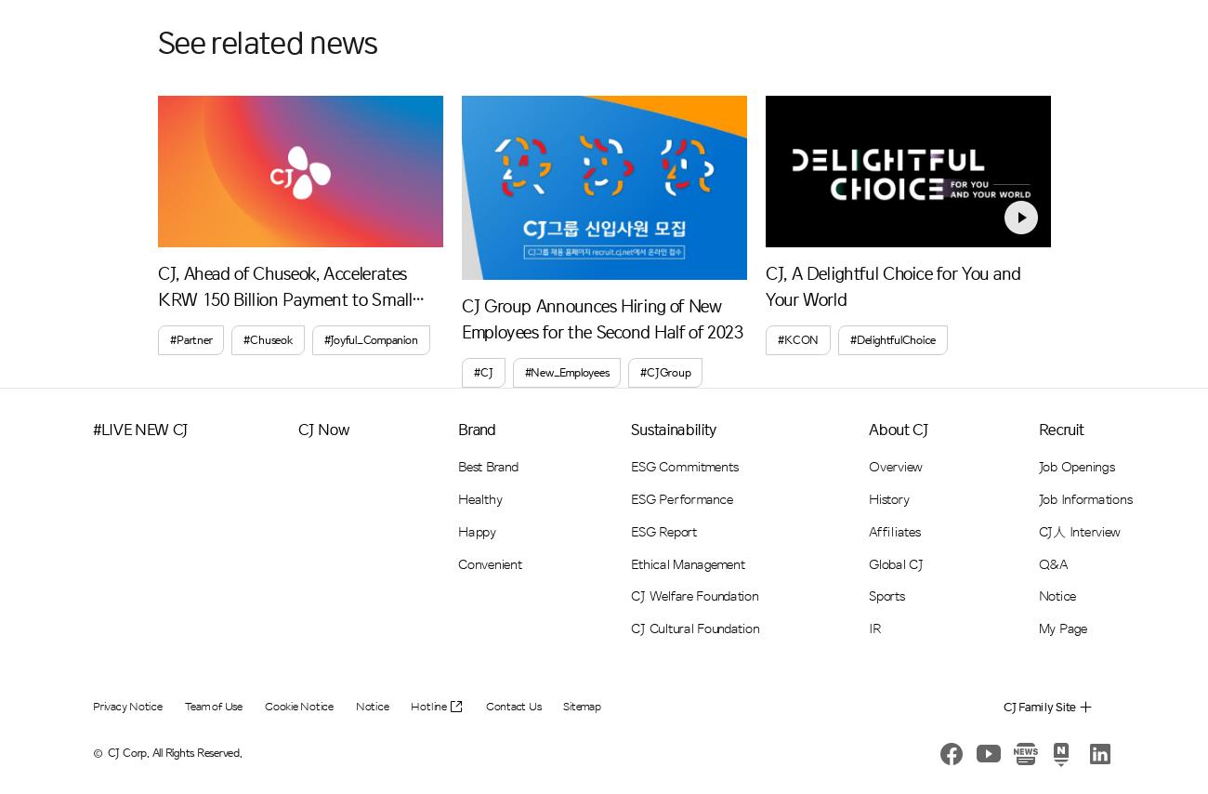  What do you see at coordinates (483, 372) in the screenshot?
I see `'#CJ'` at bounding box center [483, 372].